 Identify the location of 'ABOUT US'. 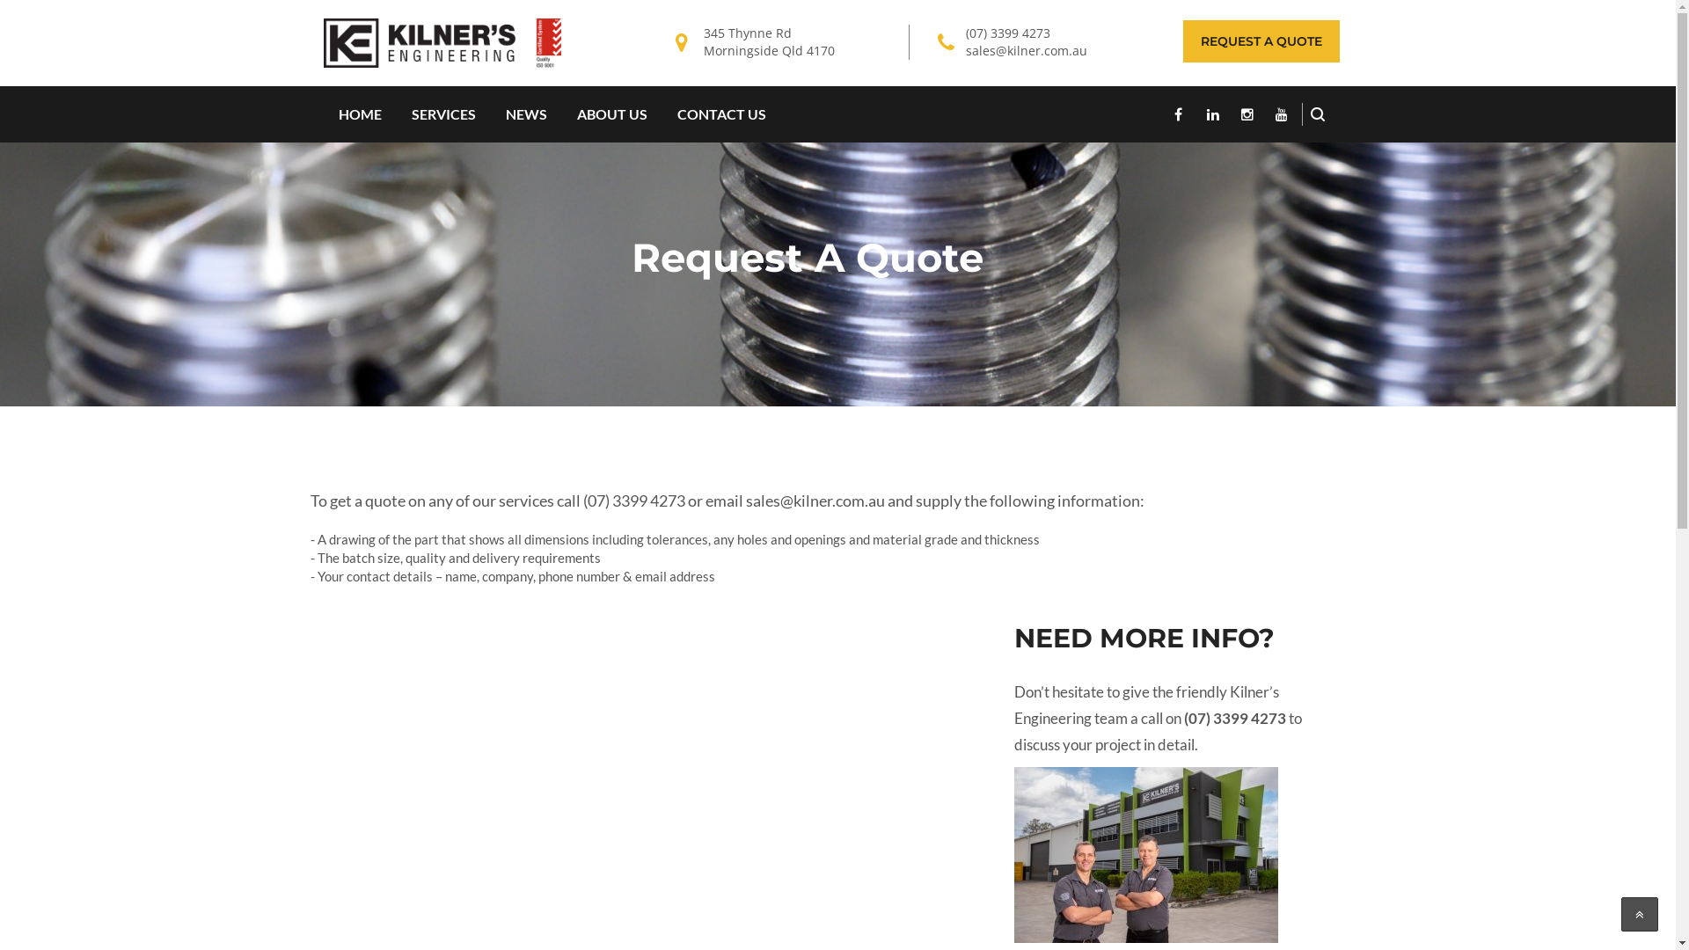
(560, 114).